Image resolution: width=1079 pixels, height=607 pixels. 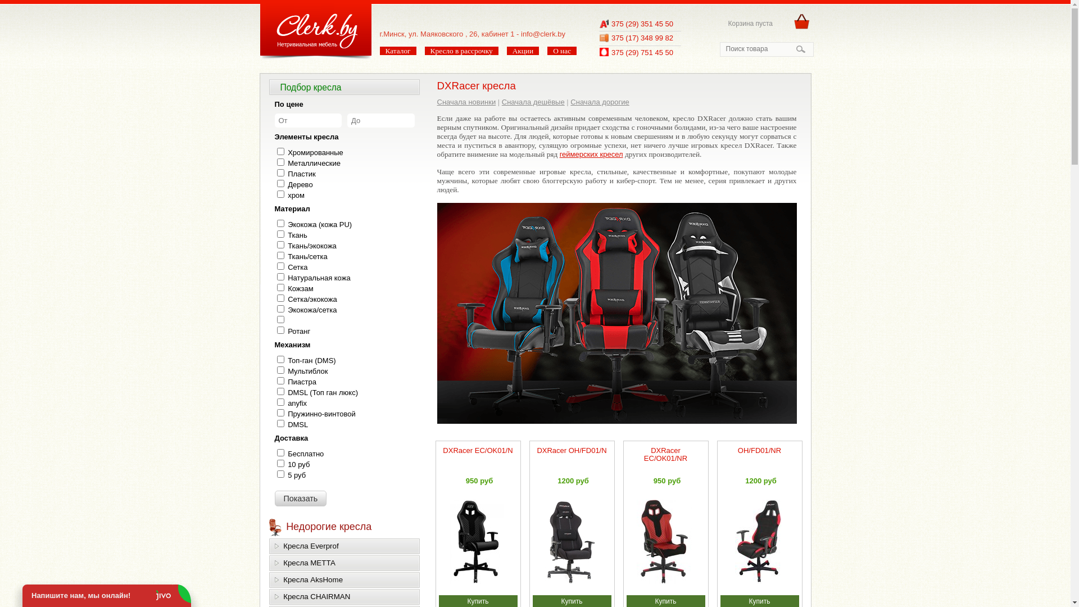 I want to click on '375 (29) 751 45 50', so click(x=611, y=52).